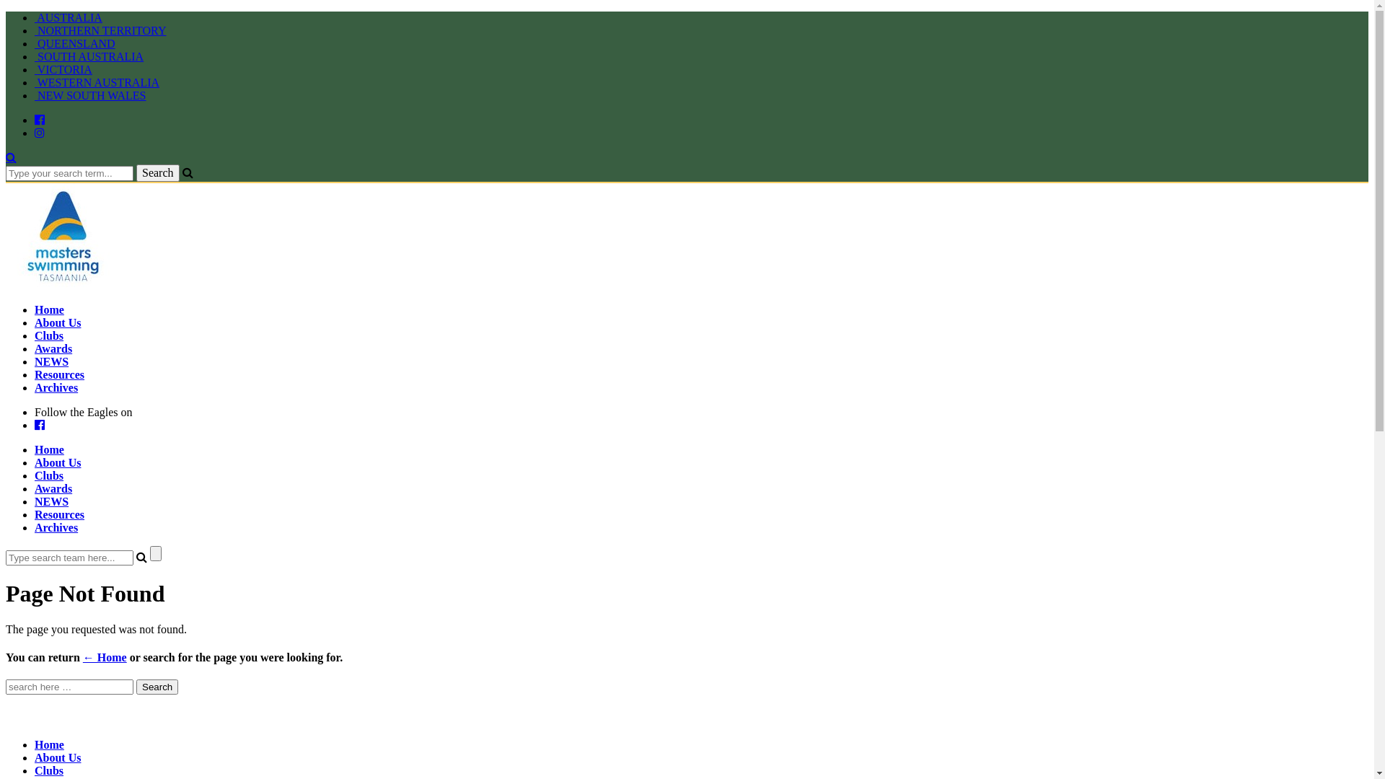 Image resolution: width=1385 pixels, height=779 pixels. Describe the element at coordinates (68, 17) in the screenshot. I see `'AUSTRALIA'` at that location.